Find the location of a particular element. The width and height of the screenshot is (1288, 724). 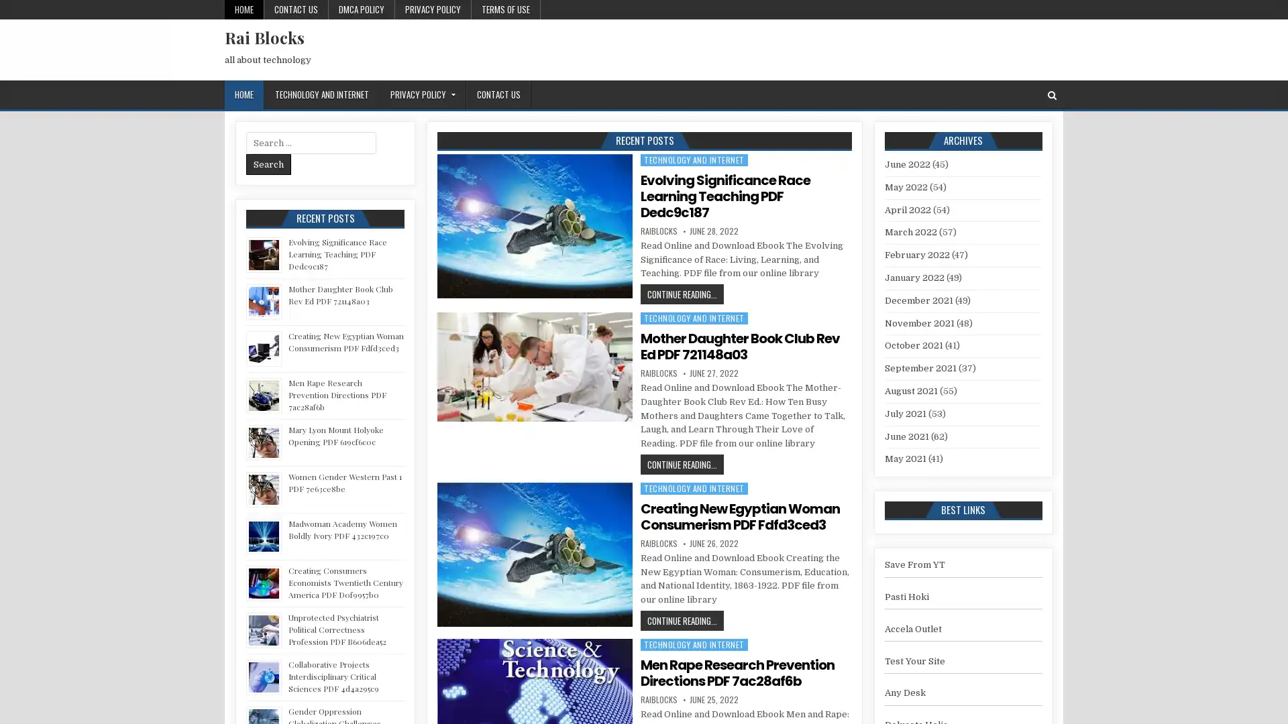

Search is located at coordinates (268, 164).